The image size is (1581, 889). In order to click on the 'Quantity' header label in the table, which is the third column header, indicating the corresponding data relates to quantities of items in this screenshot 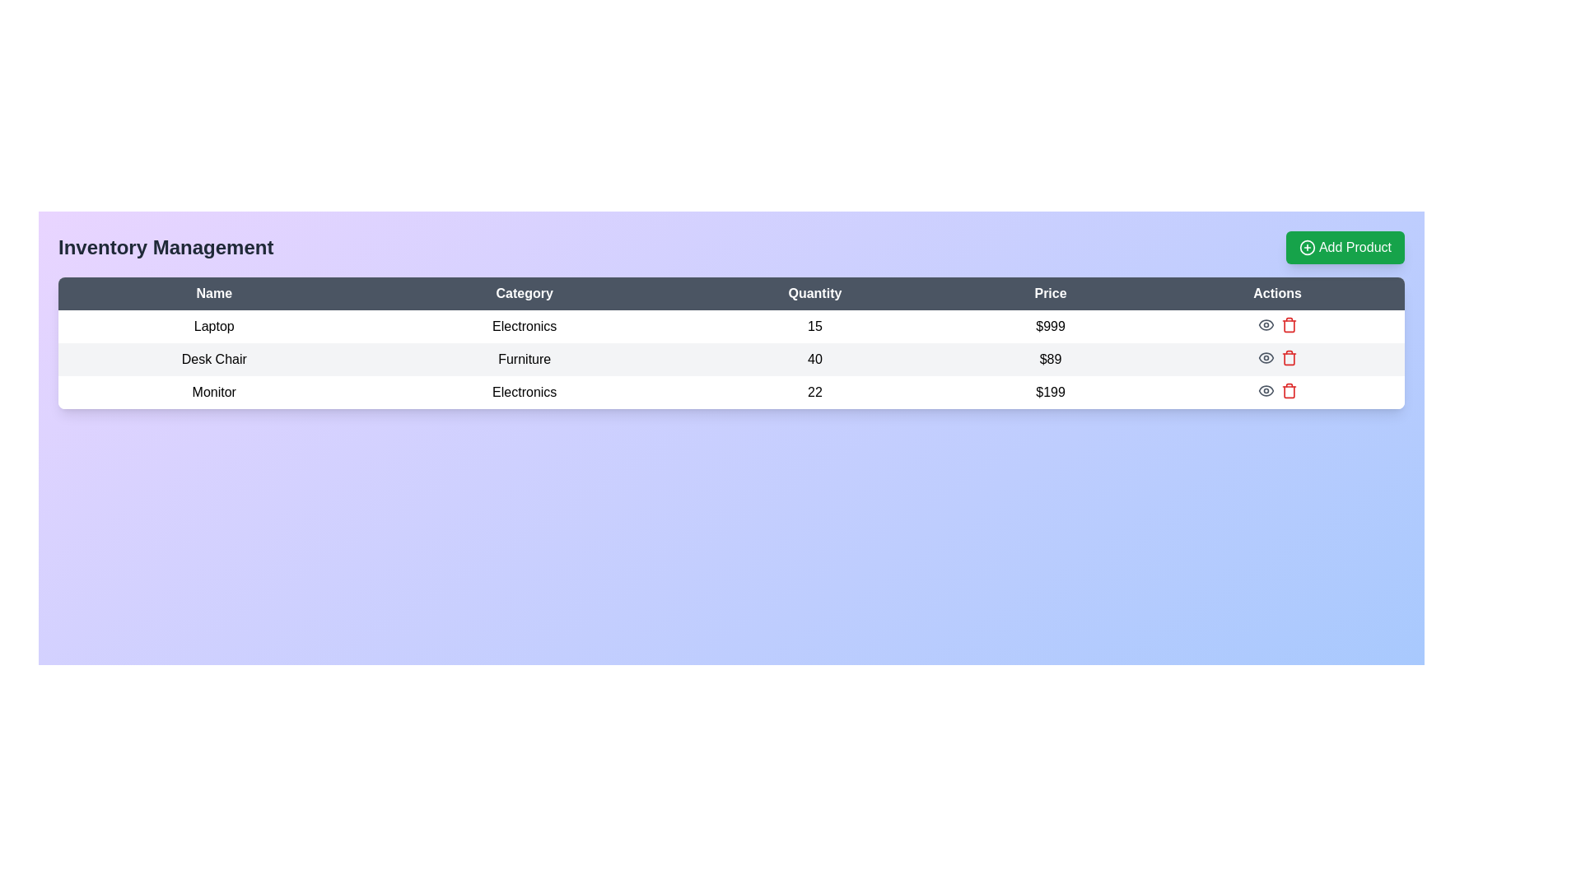, I will do `click(814, 293)`.